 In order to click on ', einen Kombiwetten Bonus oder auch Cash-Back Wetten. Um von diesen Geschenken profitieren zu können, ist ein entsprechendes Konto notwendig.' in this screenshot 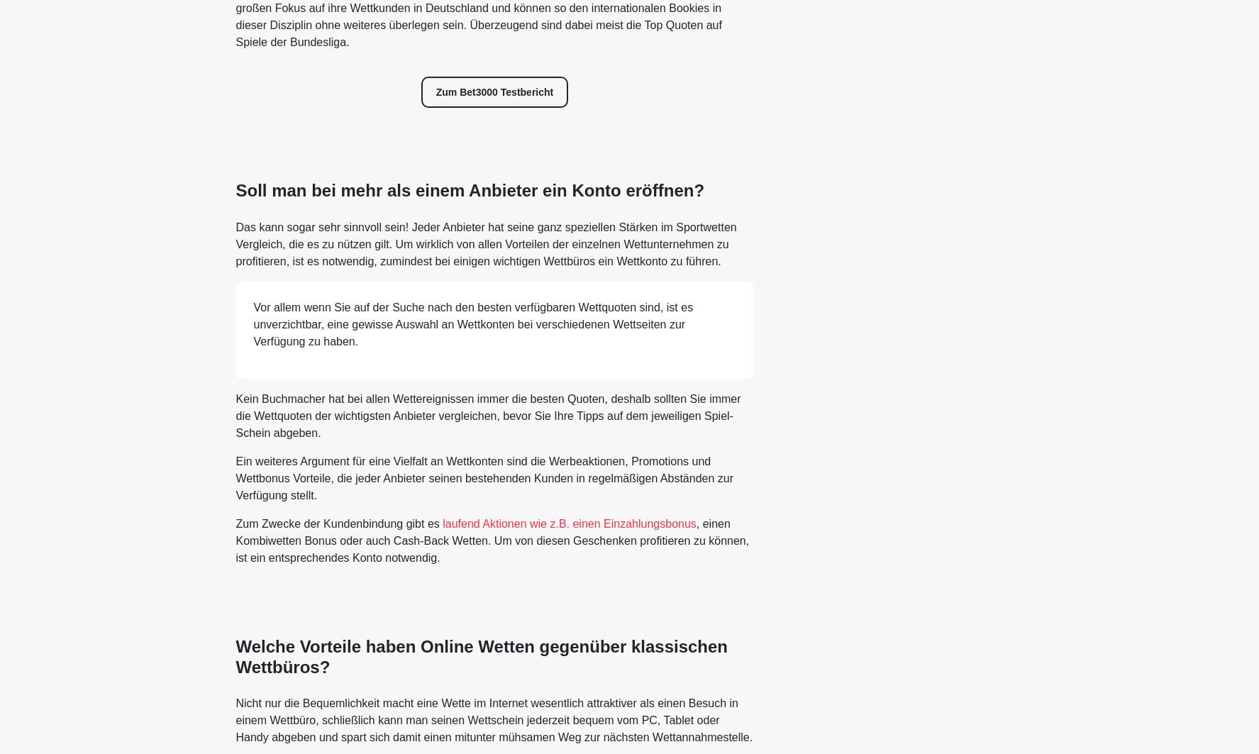, I will do `click(492, 539)`.